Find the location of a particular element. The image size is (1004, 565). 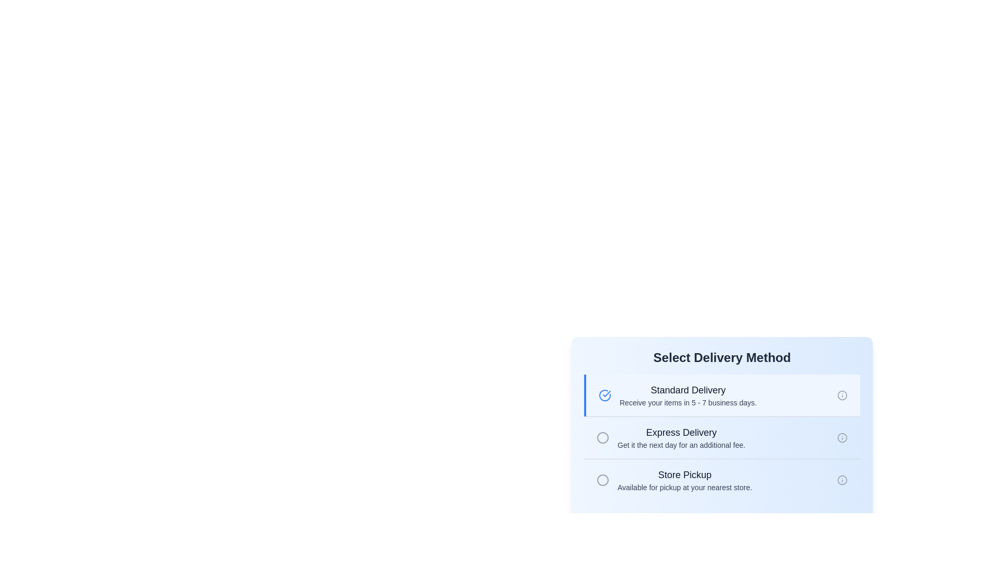

the circular selection indicator icon for 'Store Pickup' located to the left of the text under 'Select Delivery Method.' is located at coordinates (602, 480).